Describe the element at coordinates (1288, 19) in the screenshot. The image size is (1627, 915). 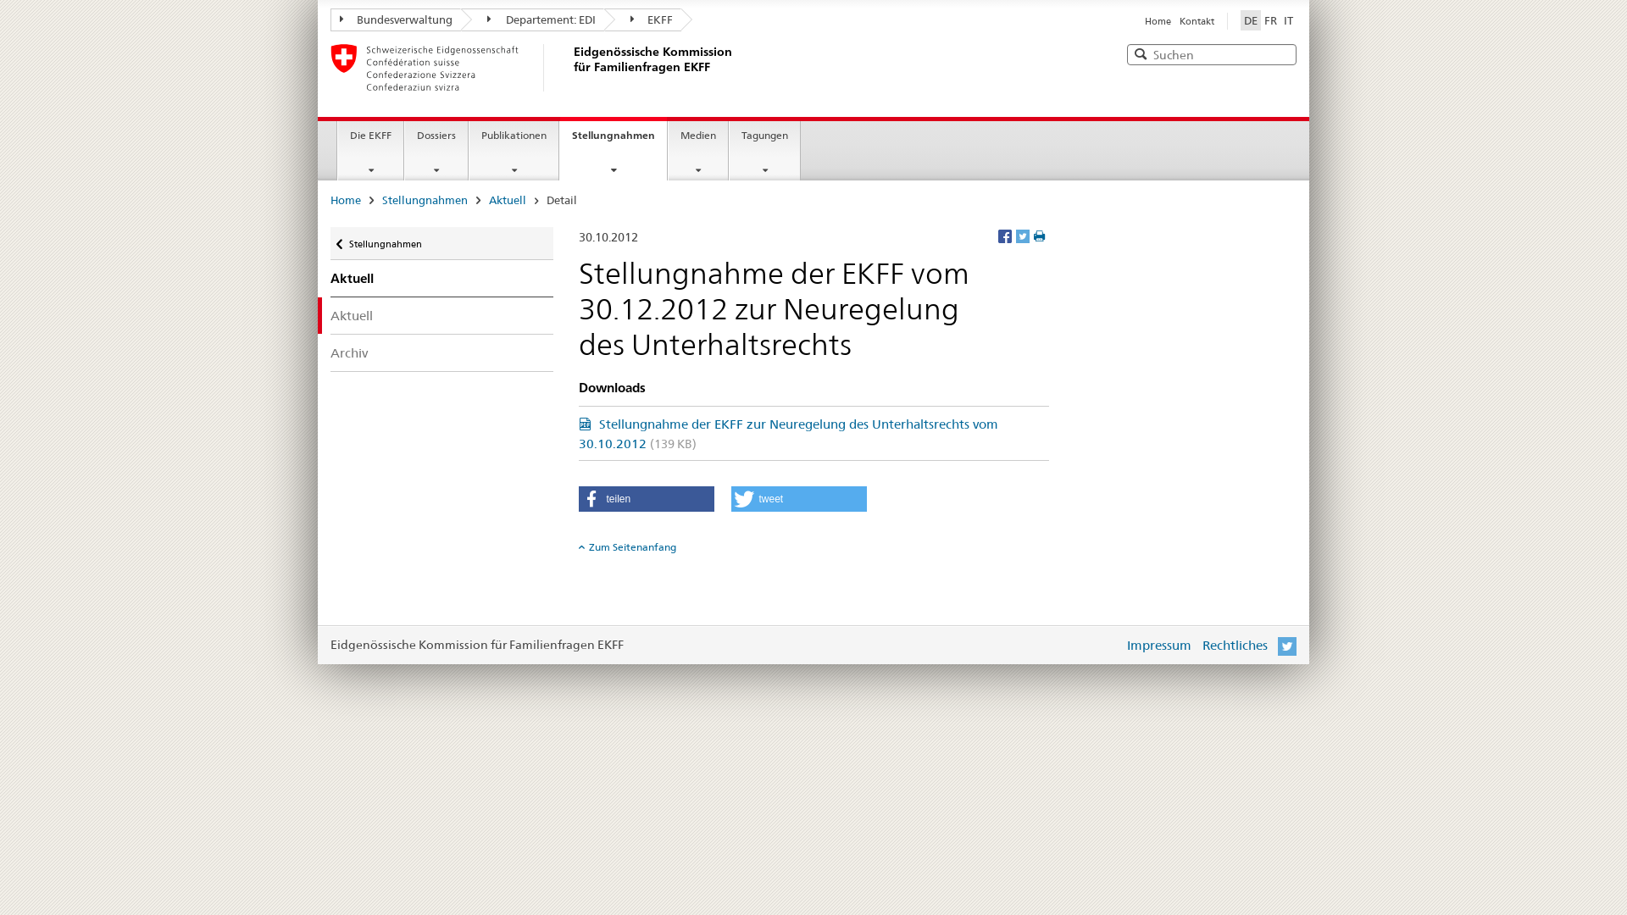
I see `'IT'` at that location.